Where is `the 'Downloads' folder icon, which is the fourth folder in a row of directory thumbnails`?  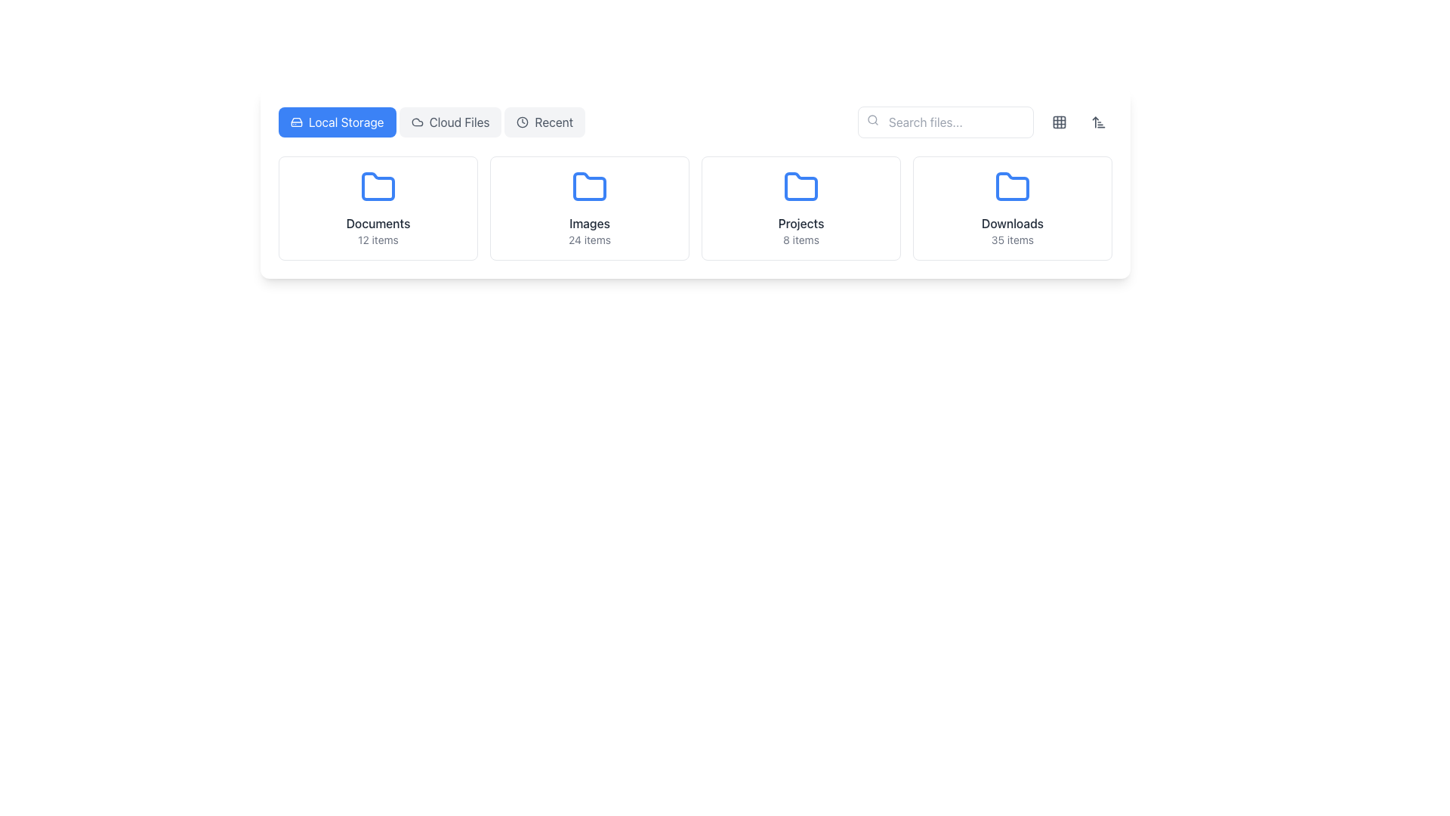 the 'Downloads' folder icon, which is the fourth folder in a row of directory thumbnails is located at coordinates (1012, 185).